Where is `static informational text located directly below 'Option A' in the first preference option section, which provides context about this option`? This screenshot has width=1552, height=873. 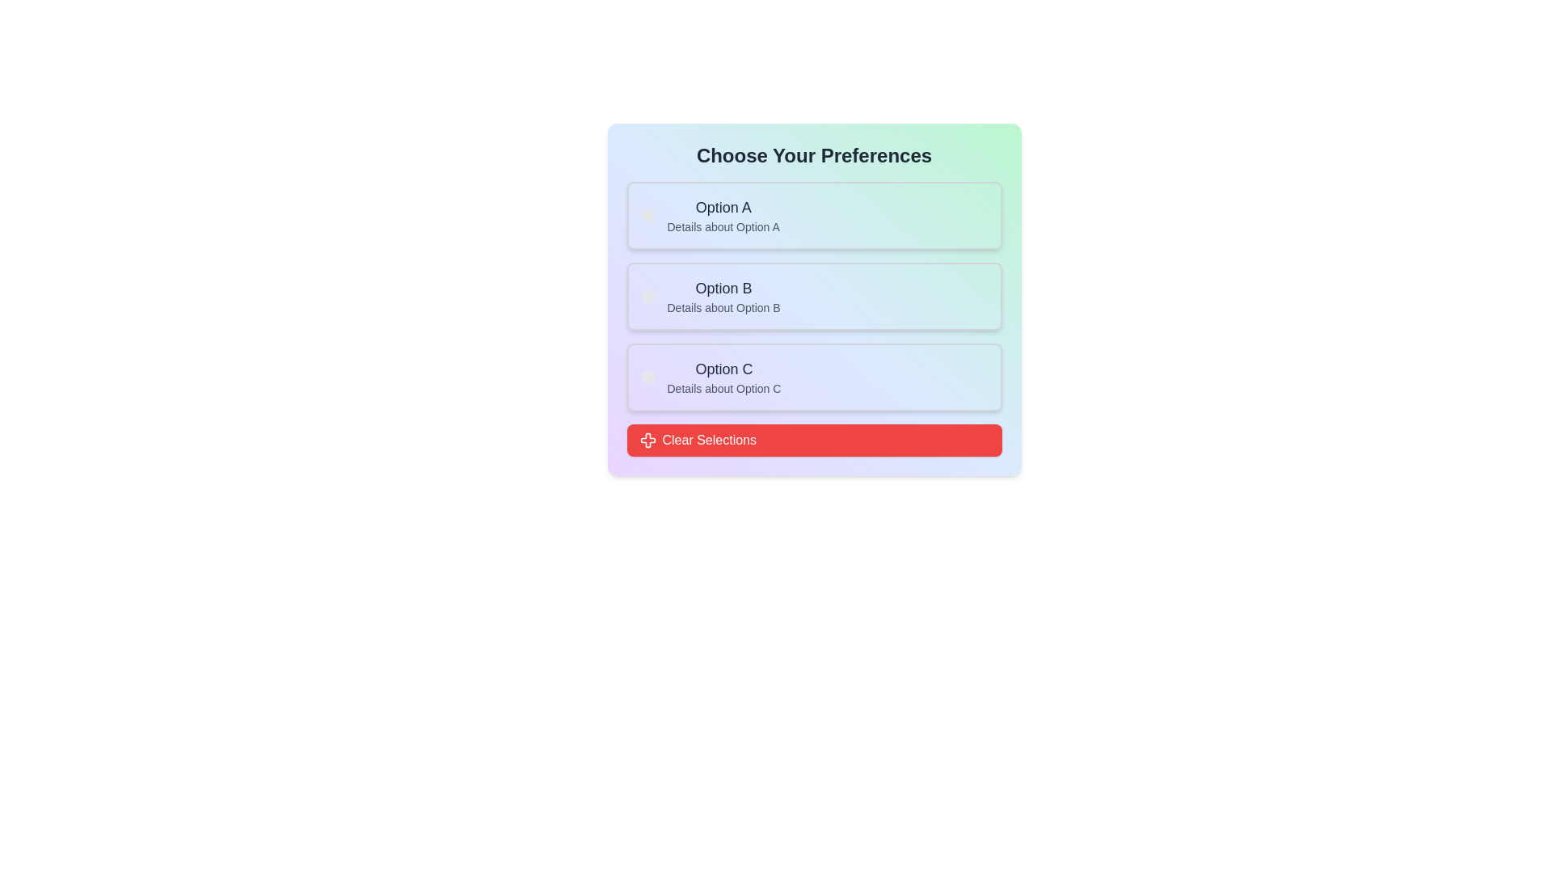
static informational text located directly below 'Option A' in the first preference option section, which provides context about this option is located at coordinates (723, 227).